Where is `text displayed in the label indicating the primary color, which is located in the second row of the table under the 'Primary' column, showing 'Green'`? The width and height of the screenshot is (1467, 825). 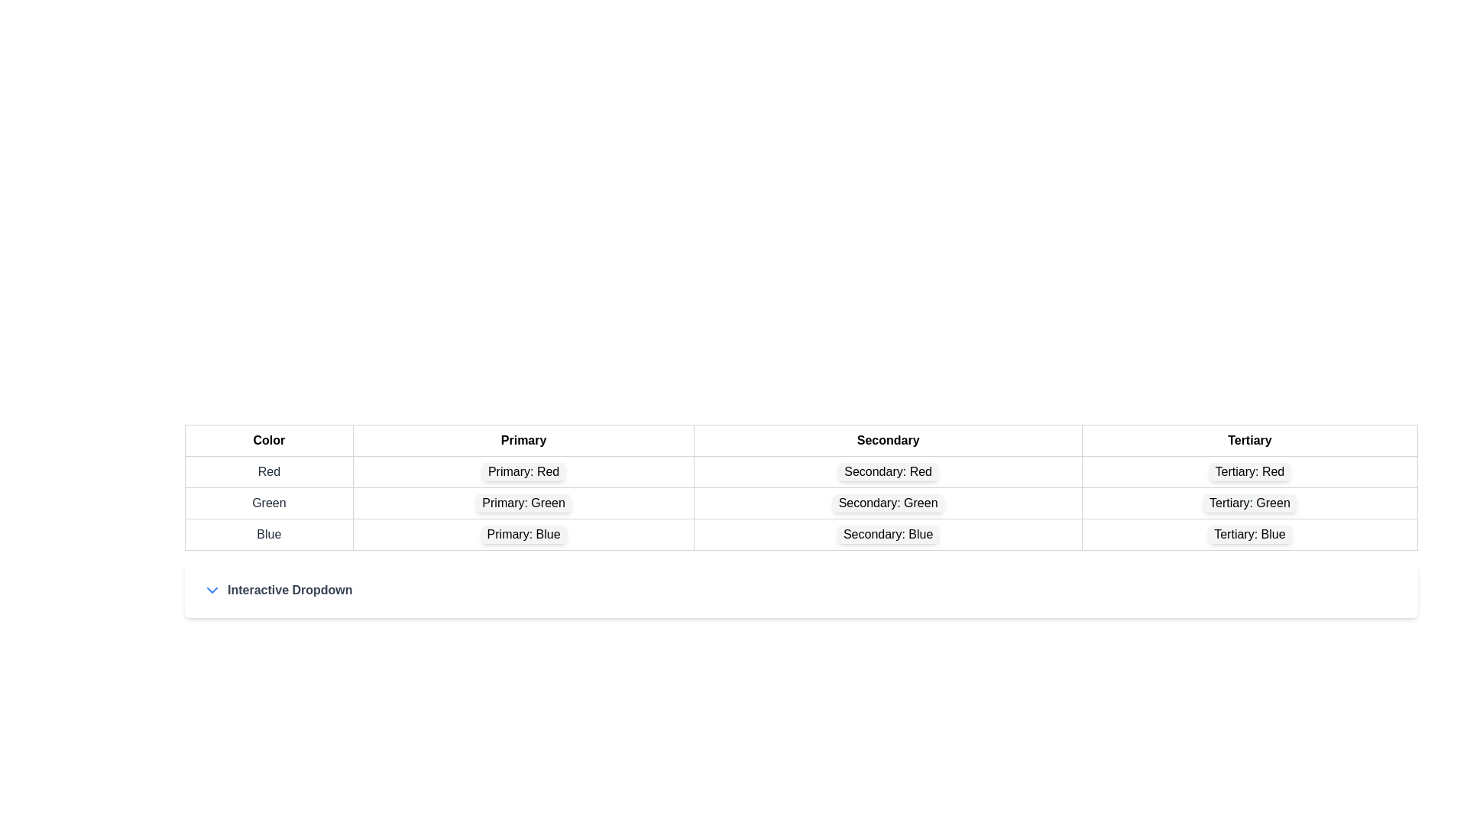 text displayed in the label indicating the primary color, which is located in the second row of the table under the 'Primary' column, showing 'Green' is located at coordinates (523, 503).